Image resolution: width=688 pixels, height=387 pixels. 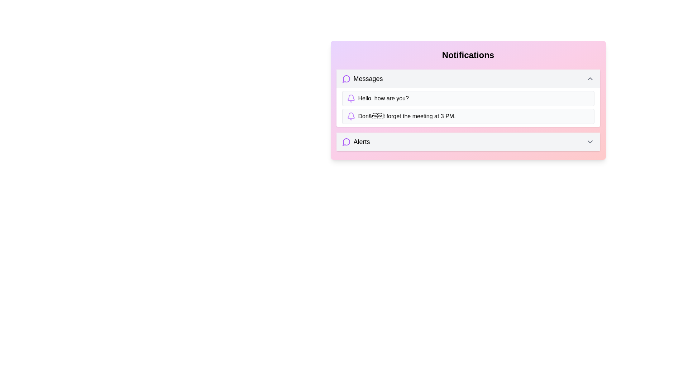 I want to click on the notification titled 'Don’t forget the meeting at 3 PM.', so click(x=468, y=116).